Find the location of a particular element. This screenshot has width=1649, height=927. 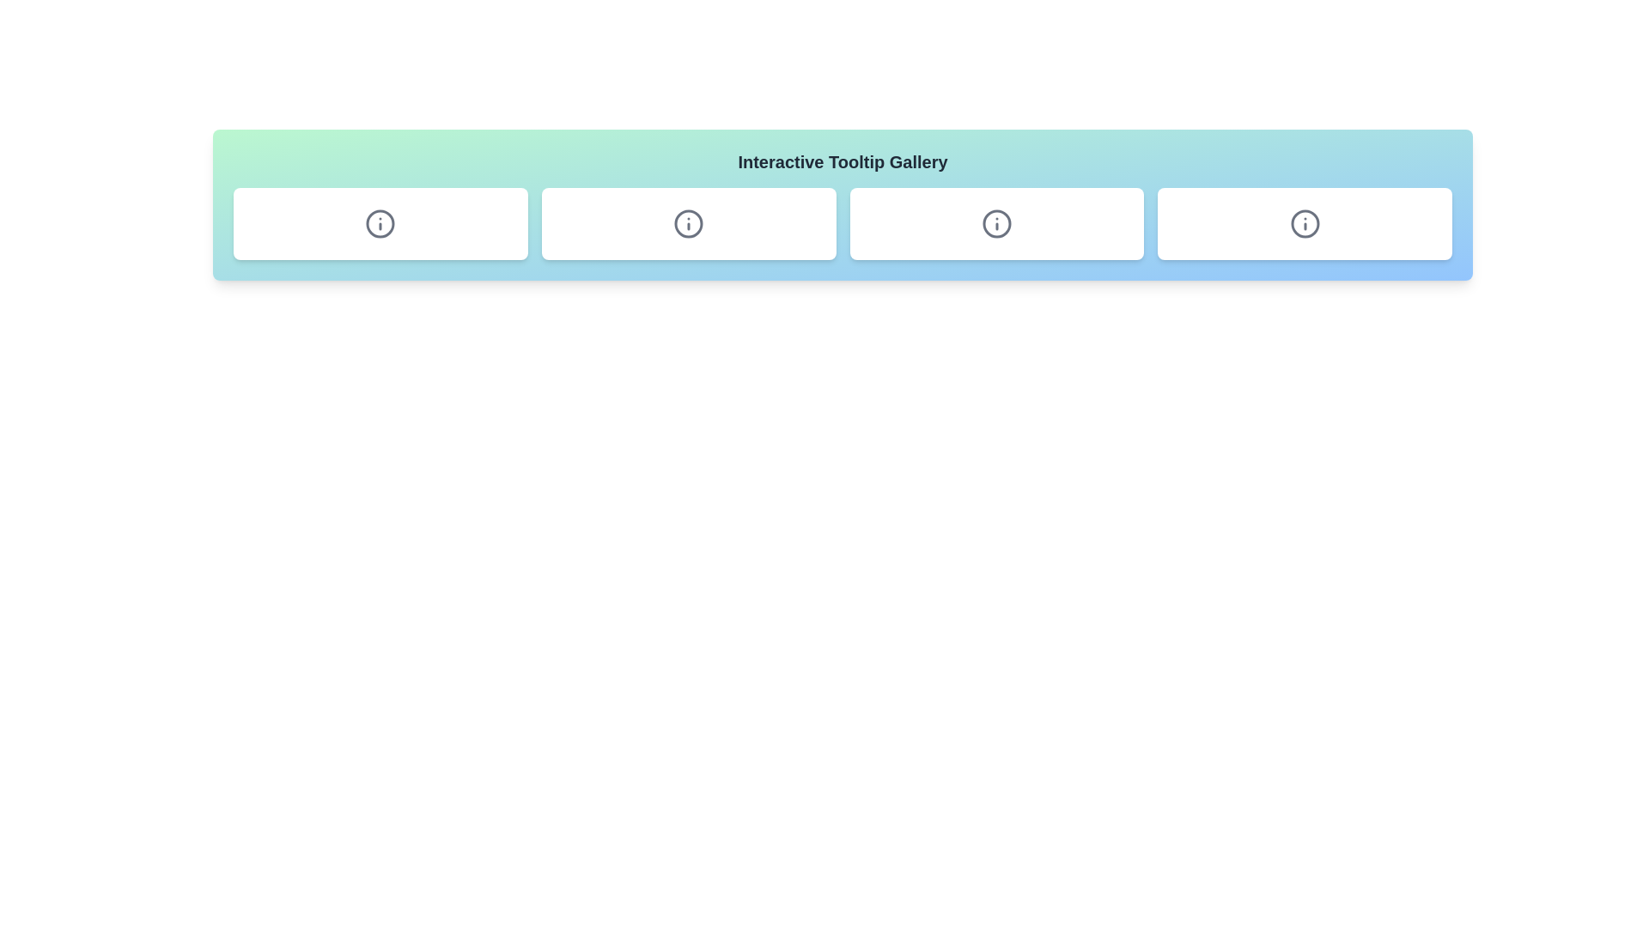

the SVG Circle representing the background circle of the 'info' icon, which is the central circular shape within the third icon from the left in the 'Interactive Tooltip Gallery' is located at coordinates (689, 223).